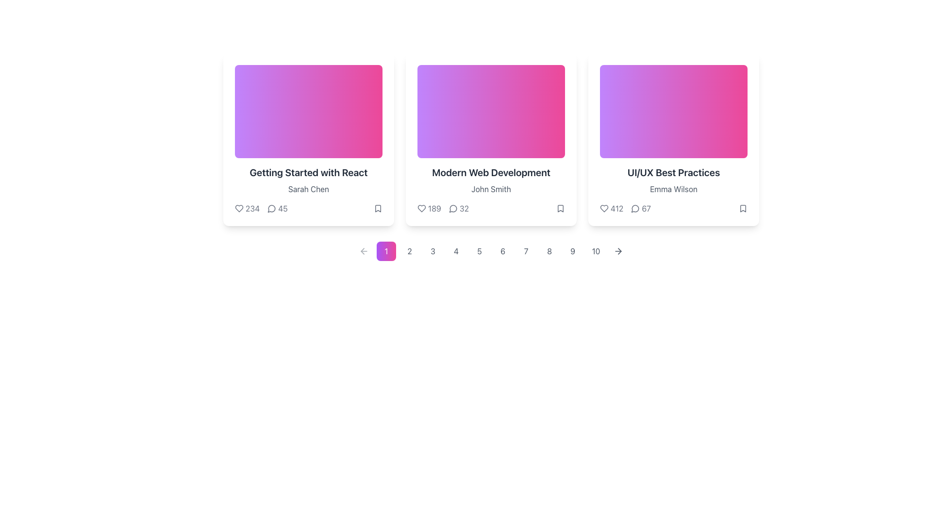 The width and height of the screenshot is (932, 524). I want to click on the interactive element displaying the number '189', so click(429, 208).